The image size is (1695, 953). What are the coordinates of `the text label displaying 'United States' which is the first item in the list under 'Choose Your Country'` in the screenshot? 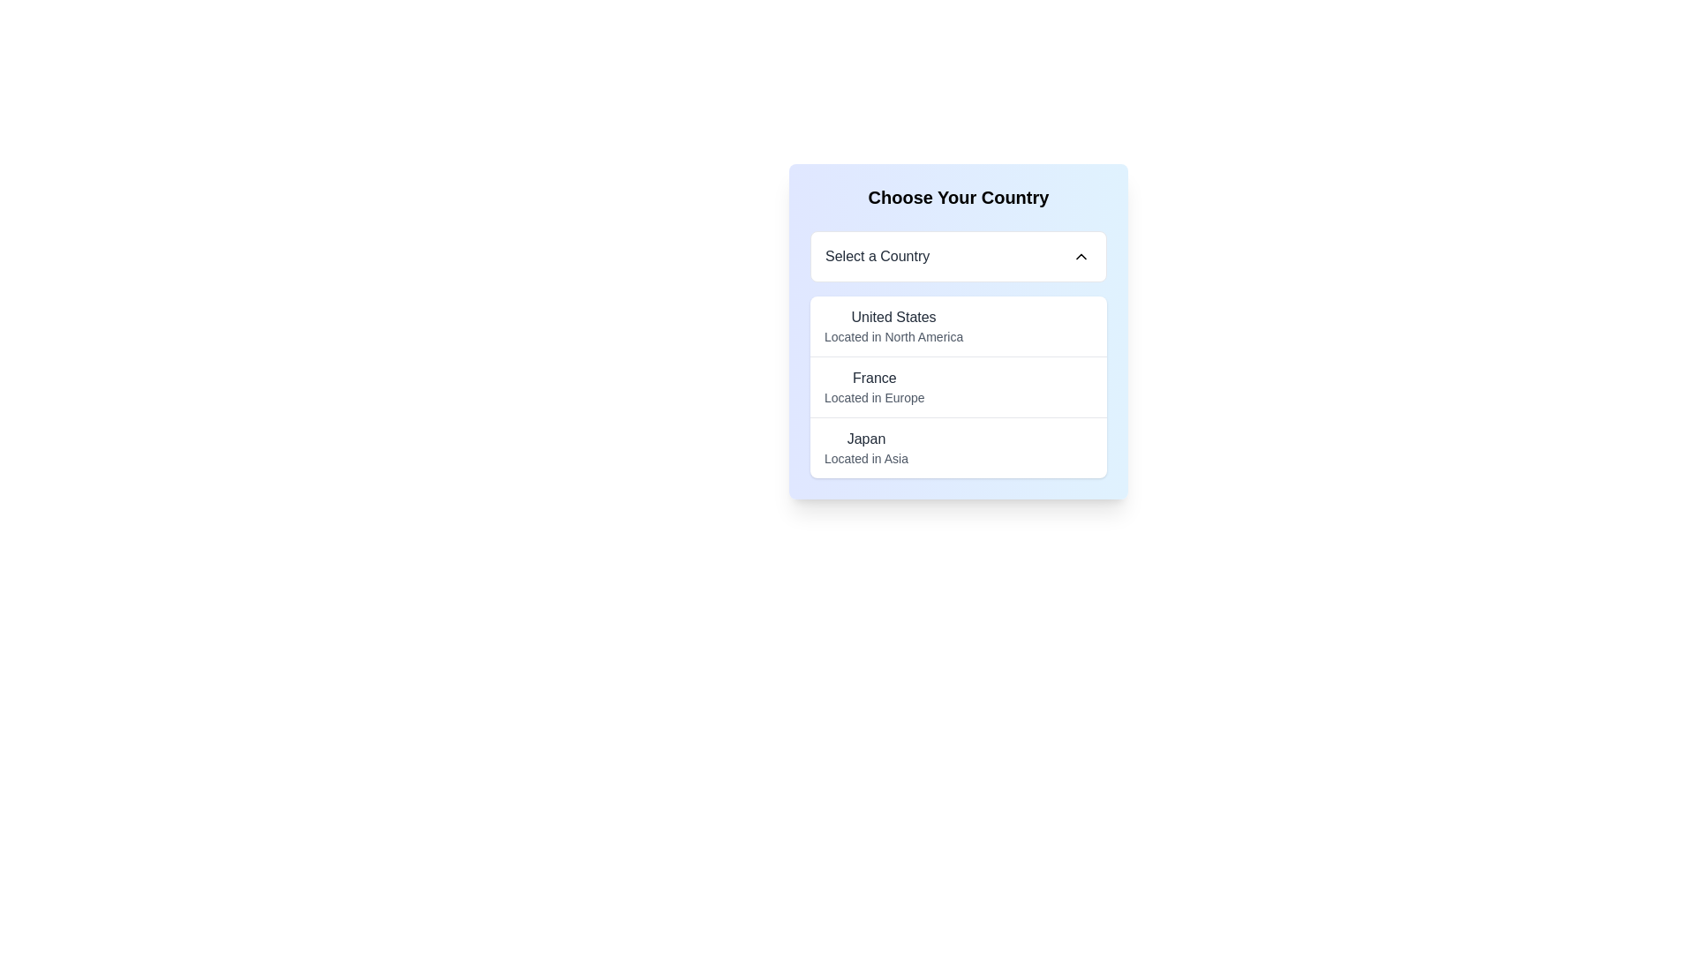 It's located at (893, 316).